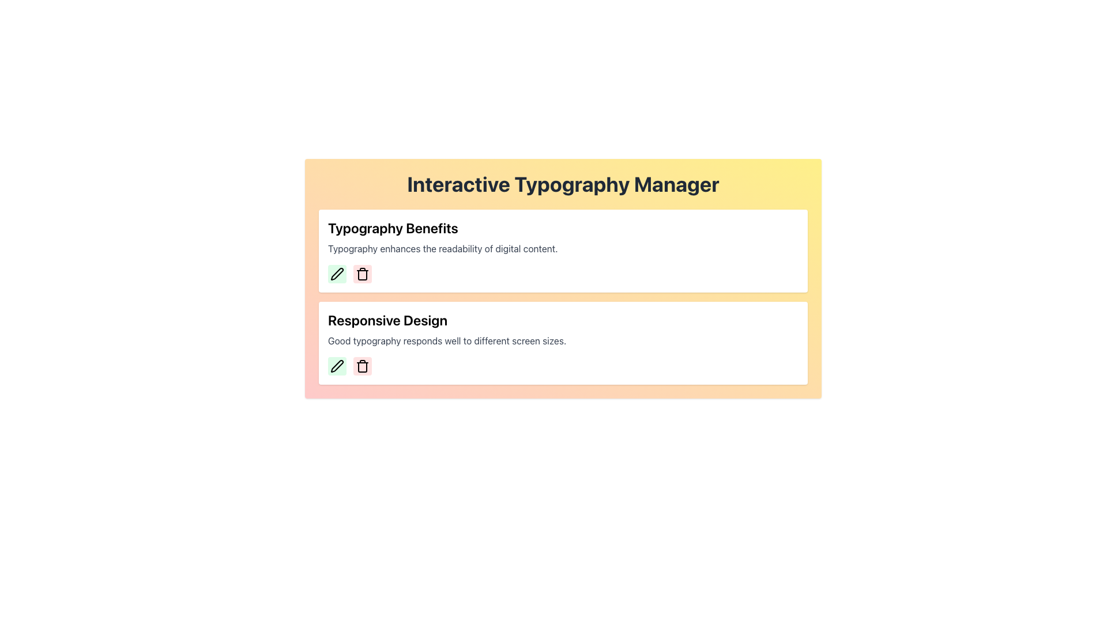 This screenshot has width=1107, height=622. Describe the element at coordinates (362, 274) in the screenshot. I see `the small rectangular button with rounded corners and a light red background, which contains a trash can icon and is located beneath the title 'Typography Benefits'` at that location.